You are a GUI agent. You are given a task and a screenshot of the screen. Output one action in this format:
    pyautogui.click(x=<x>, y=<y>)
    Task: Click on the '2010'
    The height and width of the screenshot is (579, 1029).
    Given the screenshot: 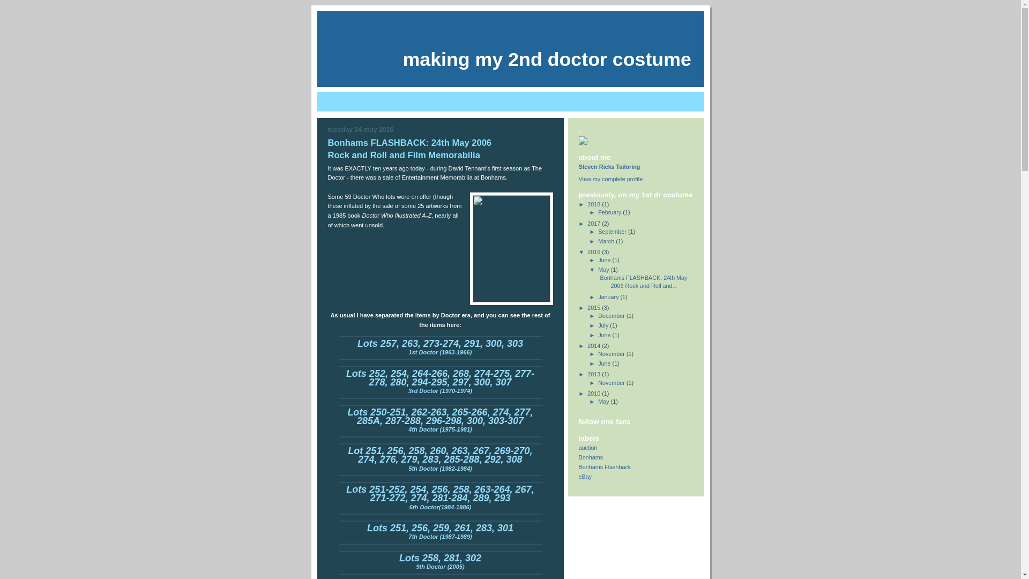 What is the action you would take?
    pyautogui.click(x=594, y=393)
    